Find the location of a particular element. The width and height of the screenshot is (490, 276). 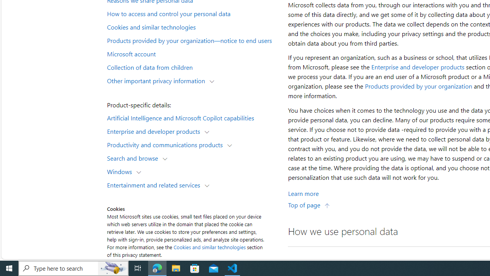

'Enterprise and developer products' is located at coordinates (417, 66).